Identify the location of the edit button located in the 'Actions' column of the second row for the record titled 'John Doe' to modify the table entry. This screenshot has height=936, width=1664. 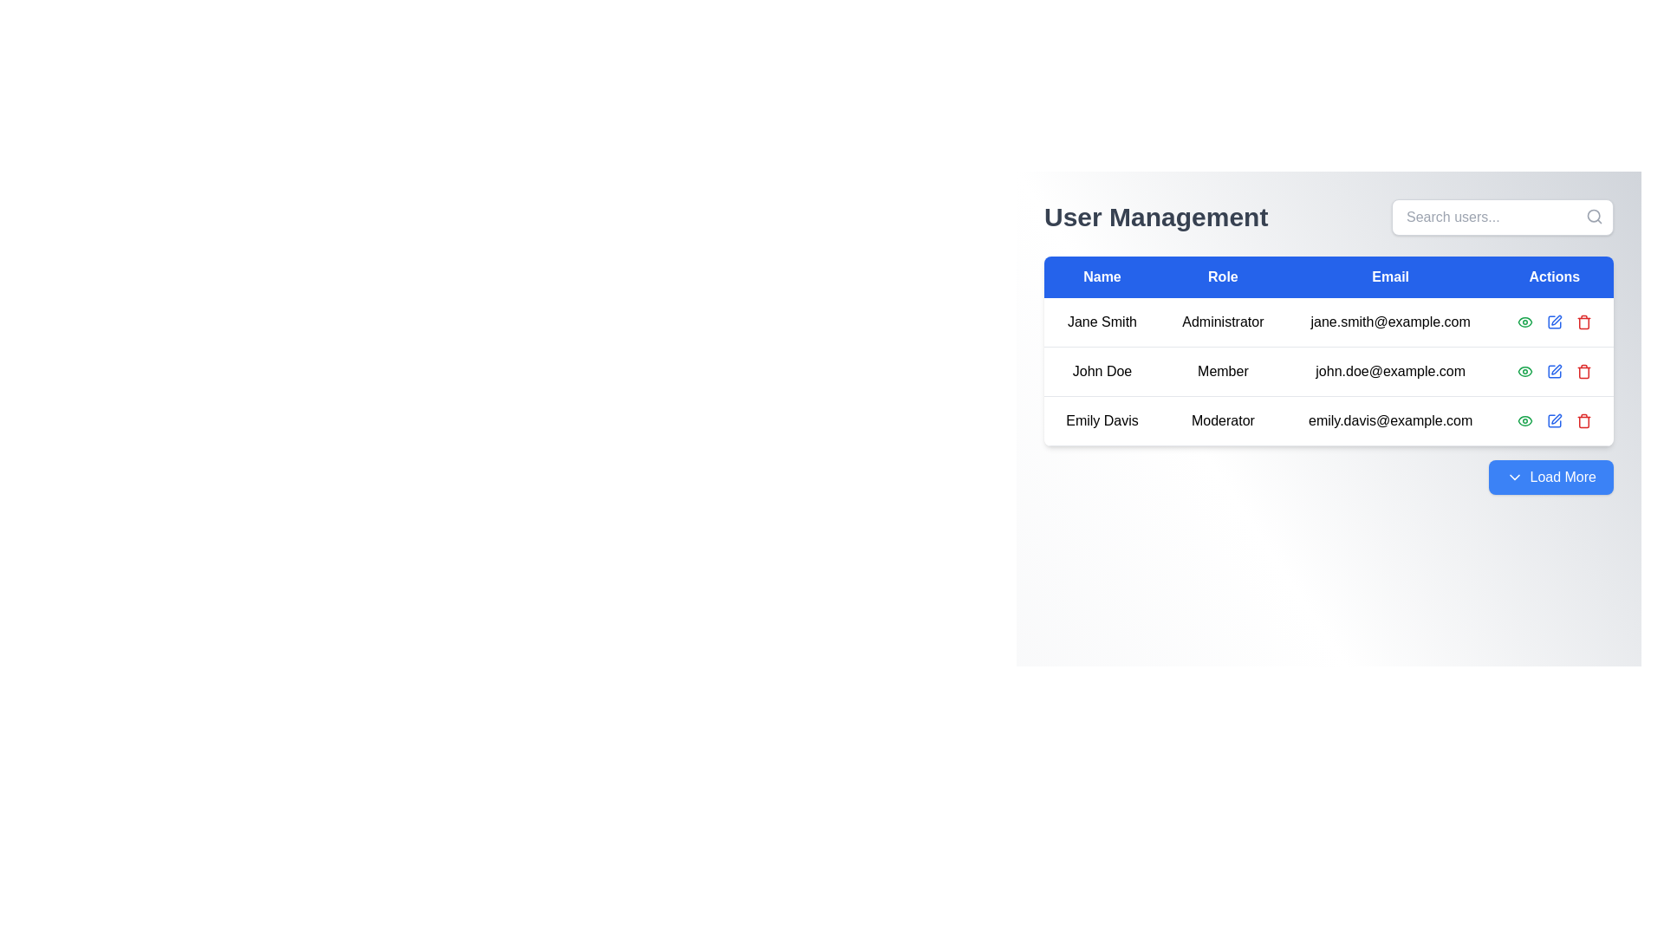
(1554, 370).